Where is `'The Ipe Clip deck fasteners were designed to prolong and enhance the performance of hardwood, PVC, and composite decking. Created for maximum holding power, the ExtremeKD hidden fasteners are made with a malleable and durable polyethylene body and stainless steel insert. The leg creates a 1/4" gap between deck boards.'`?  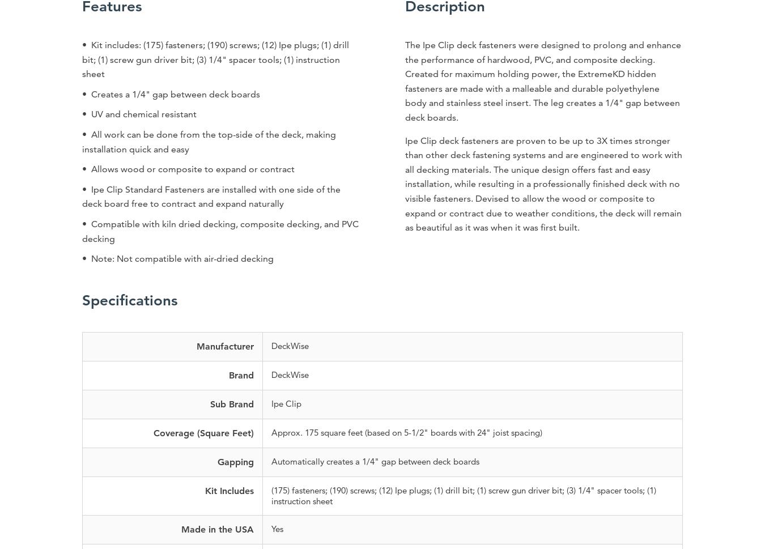 'The Ipe Clip deck fasteners were designed to prolong and enhance the performance of hardwood, PVC, and composite decking. Created for maximum holding power, the ExtremeKD hidden fasteners are made with a malleable and durable polyethylene body and stainless steel insert. The leg creates a 1/4" gap between deck boards.' is located at coordinates (404, 80).